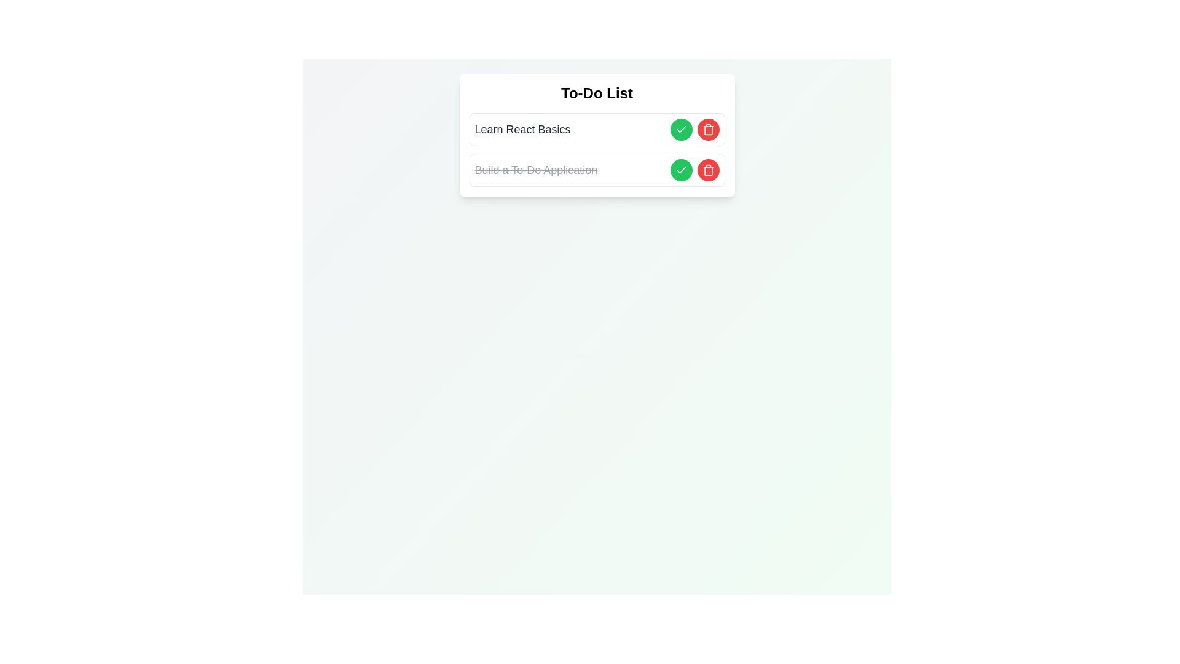 This screenshot has height=664, width=1180. Describe the element at coordinates (680, 129) in the screenshot. I see `the checkmark SVG graphic element adjacent to the 'Build a To-Do Application' text` at that location.